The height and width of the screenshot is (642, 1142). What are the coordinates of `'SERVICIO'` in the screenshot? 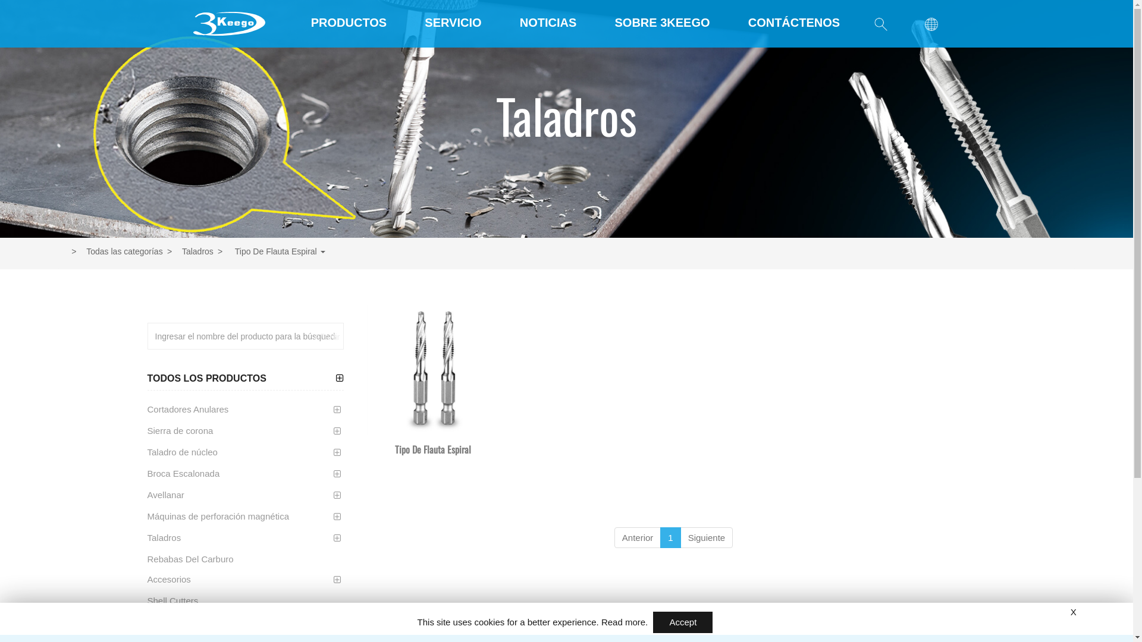 It's located at (452, 23).